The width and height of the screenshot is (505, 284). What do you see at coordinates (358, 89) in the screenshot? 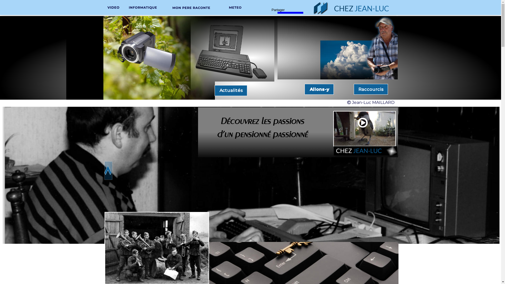
I see `'Raccourcis'` at bounding box center [358, 89].